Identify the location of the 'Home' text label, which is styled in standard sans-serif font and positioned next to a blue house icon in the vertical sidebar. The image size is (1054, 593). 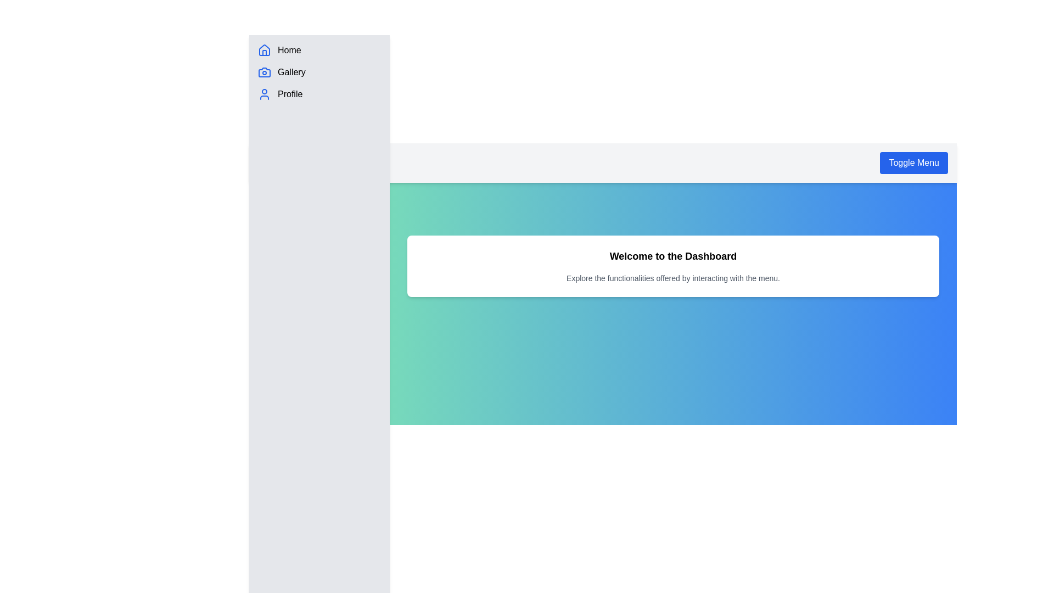
(289, 51).